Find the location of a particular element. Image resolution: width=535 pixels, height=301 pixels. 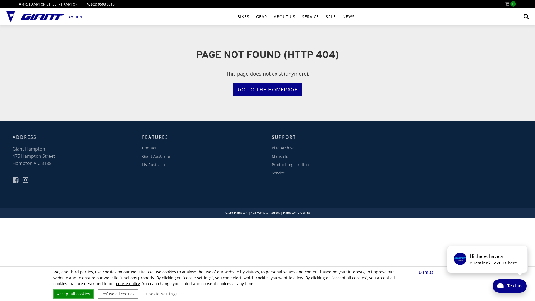

'Contact' is located at coordinates (149, 147).